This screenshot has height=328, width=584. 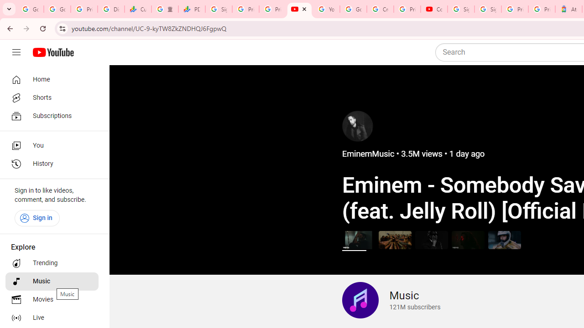 What do you see at coordinates (51, 164) in the screenshot?
I see `'History'` at bounding box center [51, 164].